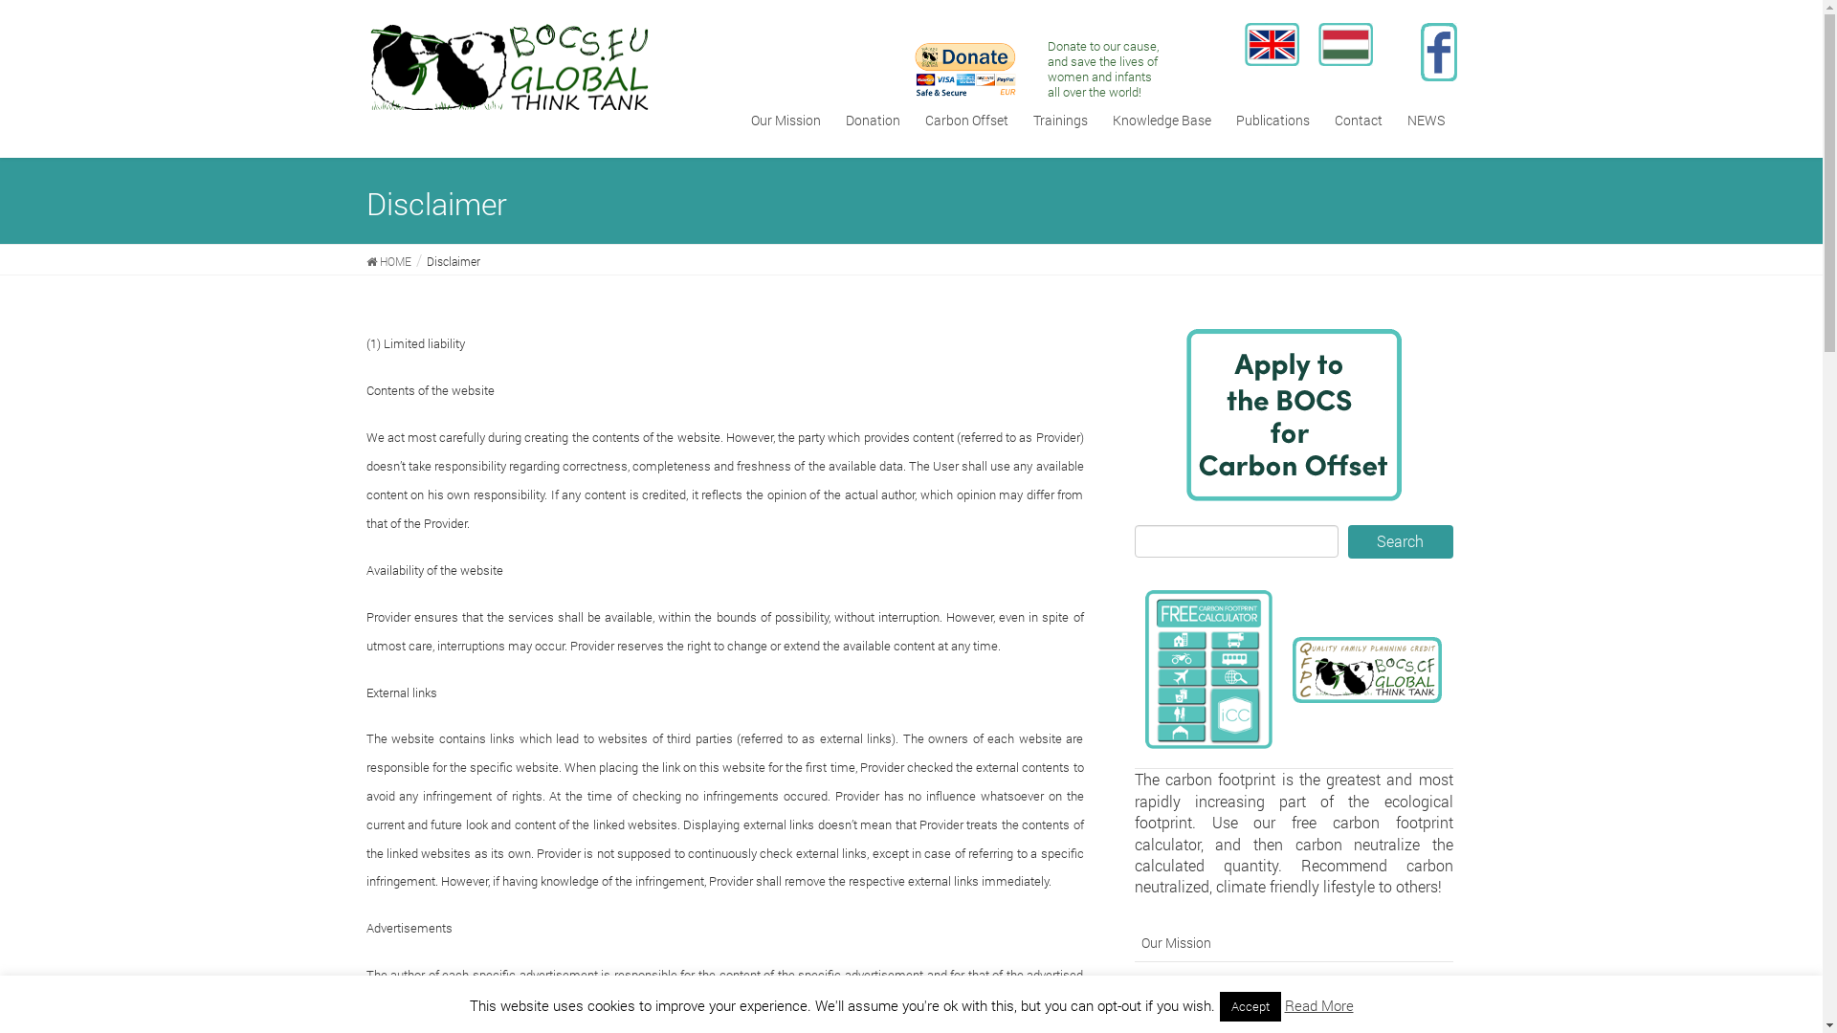 Image resolution: width=1837 pixels, height=1033 pixels. What do you see at coordinates (831, 120) in the screenshot?
I see `'Donation'` at bounding box center [831, 120].